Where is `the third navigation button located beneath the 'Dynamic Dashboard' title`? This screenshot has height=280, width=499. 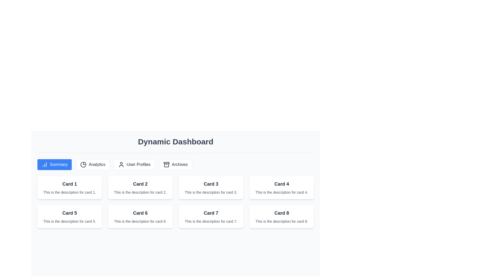 the third navigation button located beneath the 'Dynamic Dashboard' title is located at coordinates (134, 165).